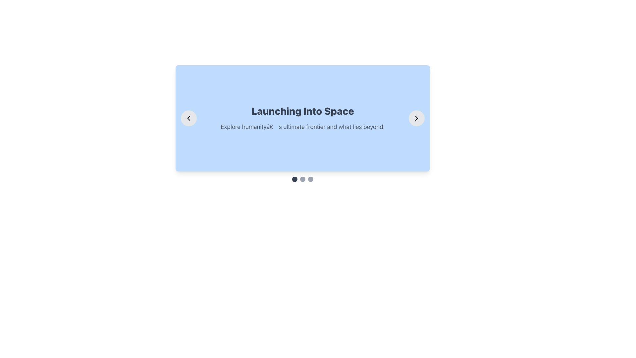 This screenshot has height=358, width=636. Describe the element at coordinates (294, 179) in the screenshot. I see `the leftmost dot indicator in the pagination control, which is a small circular shape with a grayish-black background` at that location.